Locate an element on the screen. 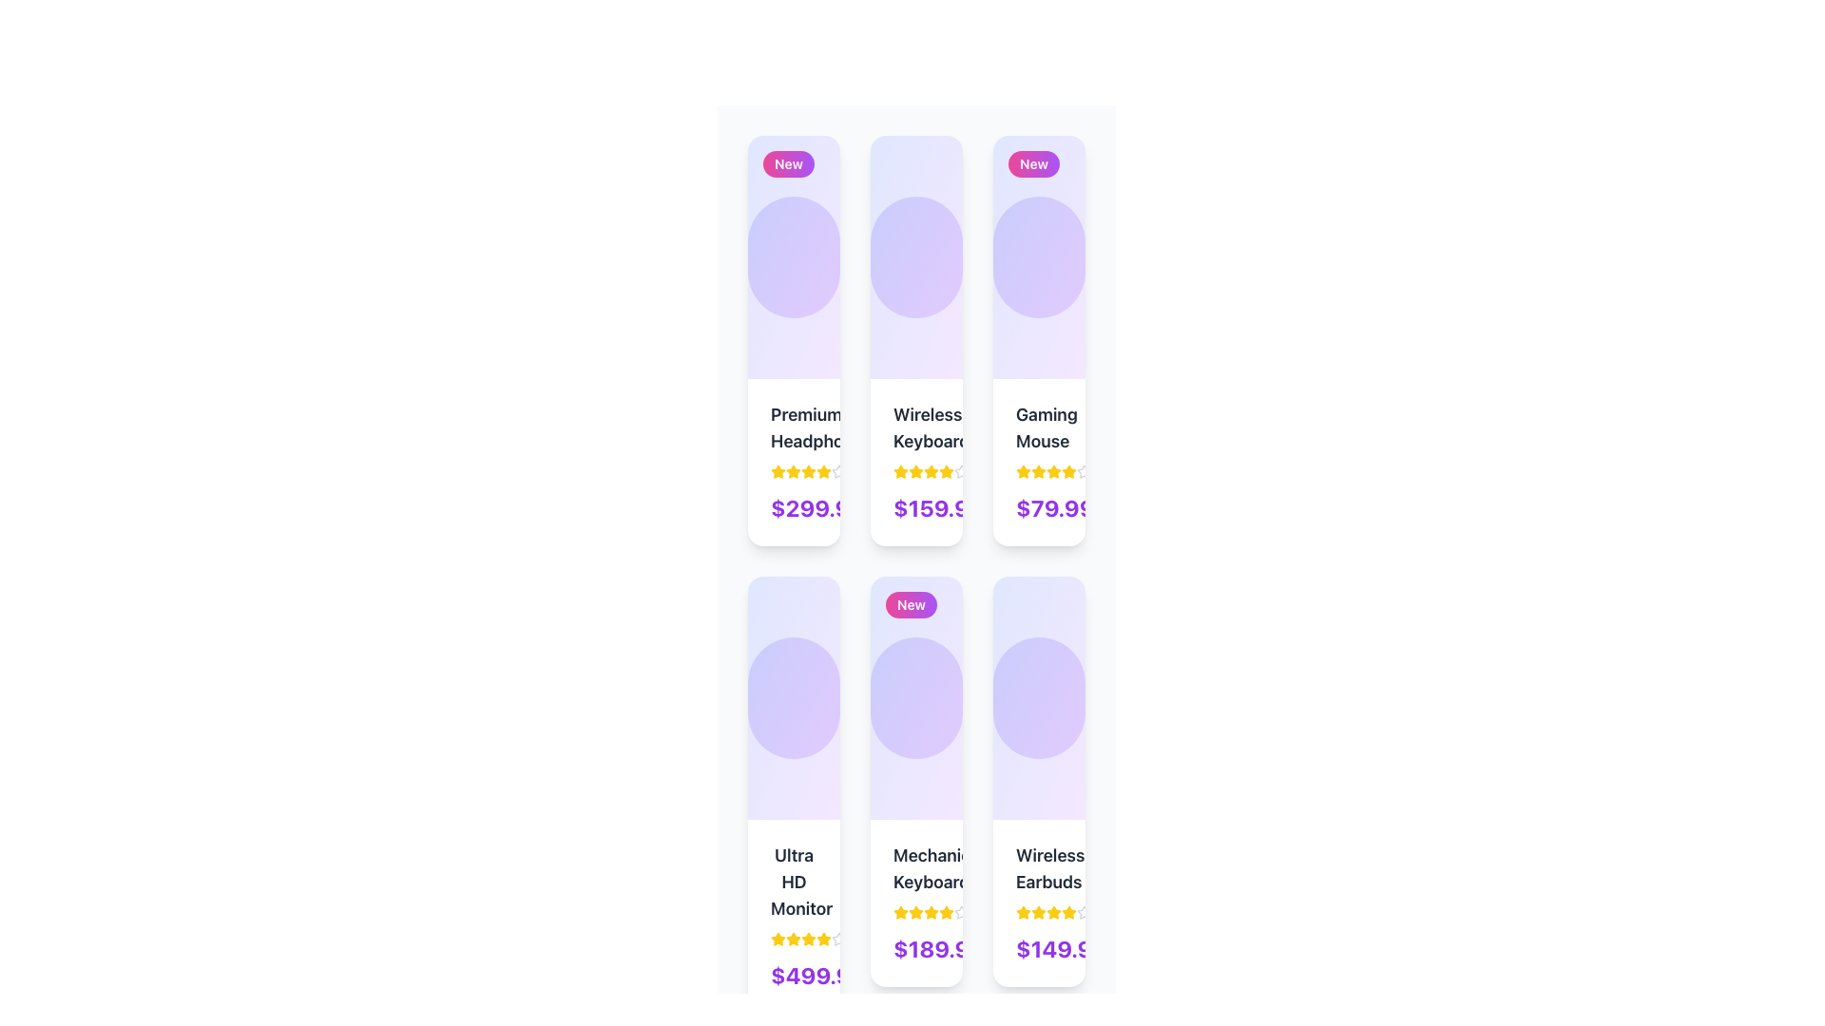 This screenshot has height=1026, width=1825. the first filled yellow star icon in the rating section of the product card to interact with the rating interface is located at coordinates (900, 911).